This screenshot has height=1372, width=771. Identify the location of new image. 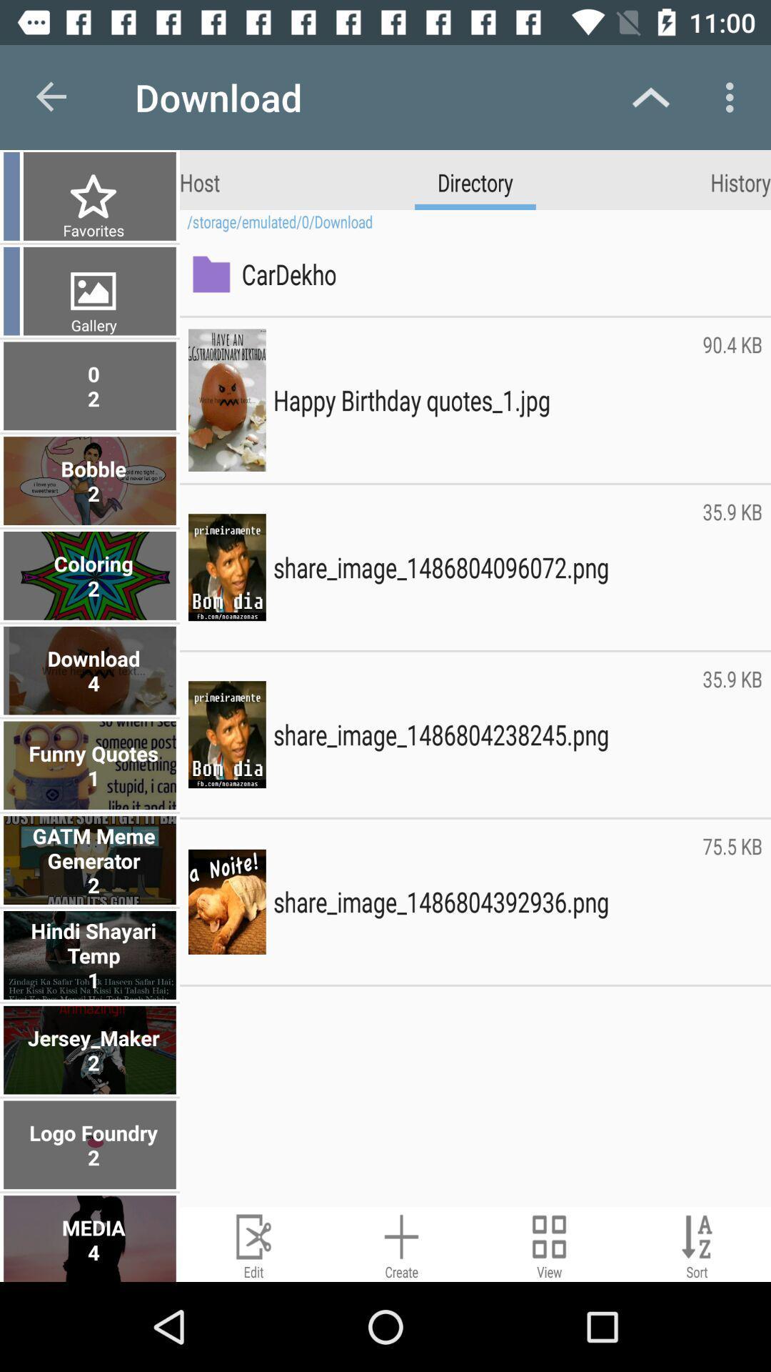
(401, 1243).